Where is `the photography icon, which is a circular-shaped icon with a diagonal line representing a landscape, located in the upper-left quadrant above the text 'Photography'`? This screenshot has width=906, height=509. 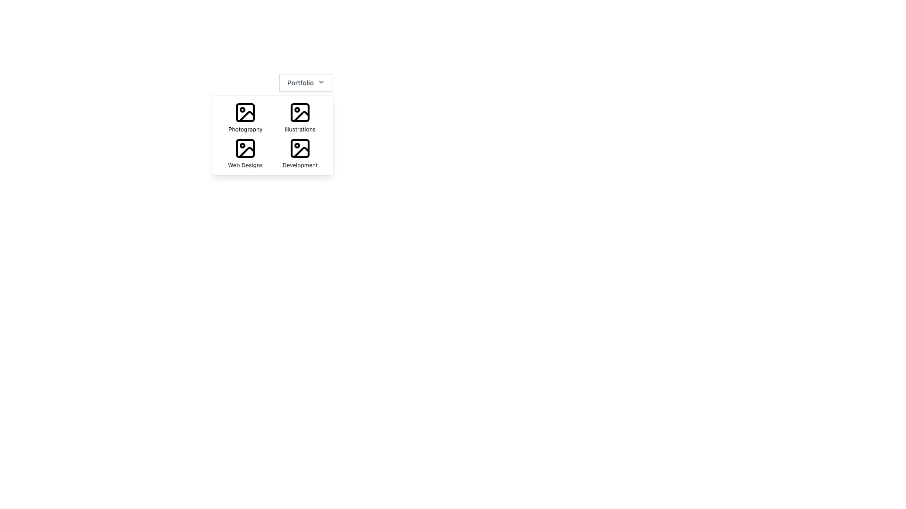
the photography icon, which is a circular-shaped icon with a diagonal line representing a landscape, located in the upper-left quadrant above the text 'Photography' is located at coordinates (245, 112).